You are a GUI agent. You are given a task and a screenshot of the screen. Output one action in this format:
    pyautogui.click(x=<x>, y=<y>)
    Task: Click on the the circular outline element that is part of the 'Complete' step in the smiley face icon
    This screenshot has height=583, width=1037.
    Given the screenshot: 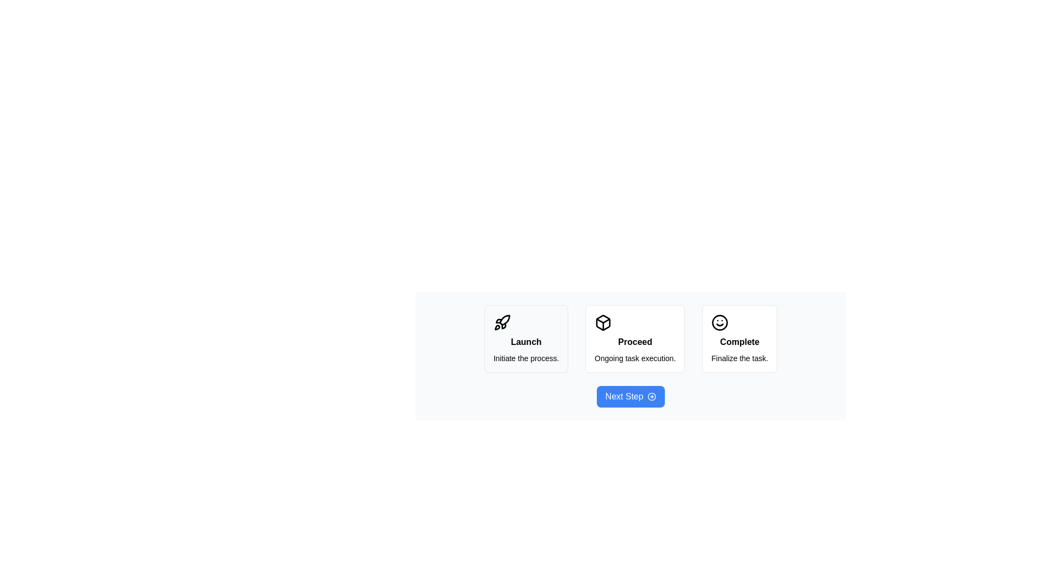 What is the action you would take?
    pyautogui.click(x=720, y=322)
    